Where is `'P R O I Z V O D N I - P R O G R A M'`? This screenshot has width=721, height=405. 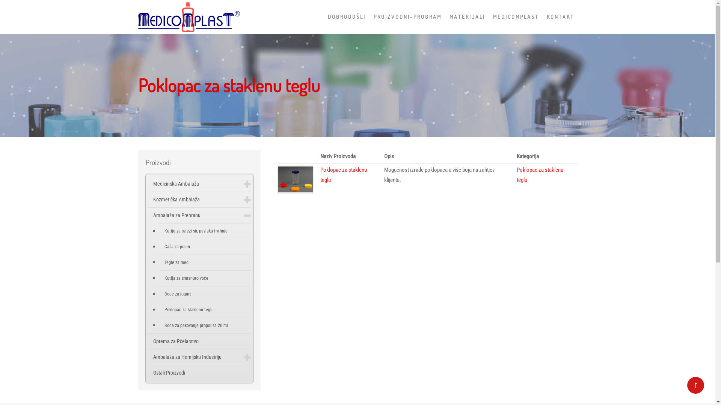
'P R O I Z V O D N I - P R O G R A M' is located at coordinates (406, 17).